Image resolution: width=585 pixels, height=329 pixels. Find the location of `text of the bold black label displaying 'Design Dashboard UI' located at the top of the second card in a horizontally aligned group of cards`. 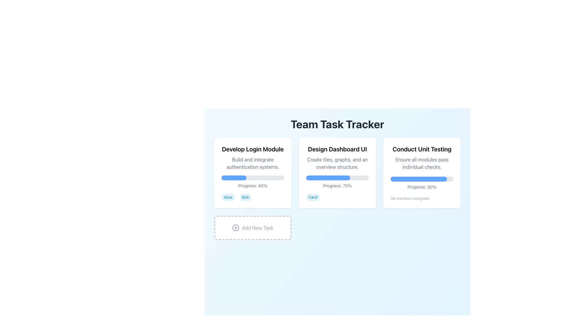

text of the bold black label displaying 'Design Dashboard UI' located at the top of the second card in a horizontally aligned group of cards is located at coordinates (337, 149).